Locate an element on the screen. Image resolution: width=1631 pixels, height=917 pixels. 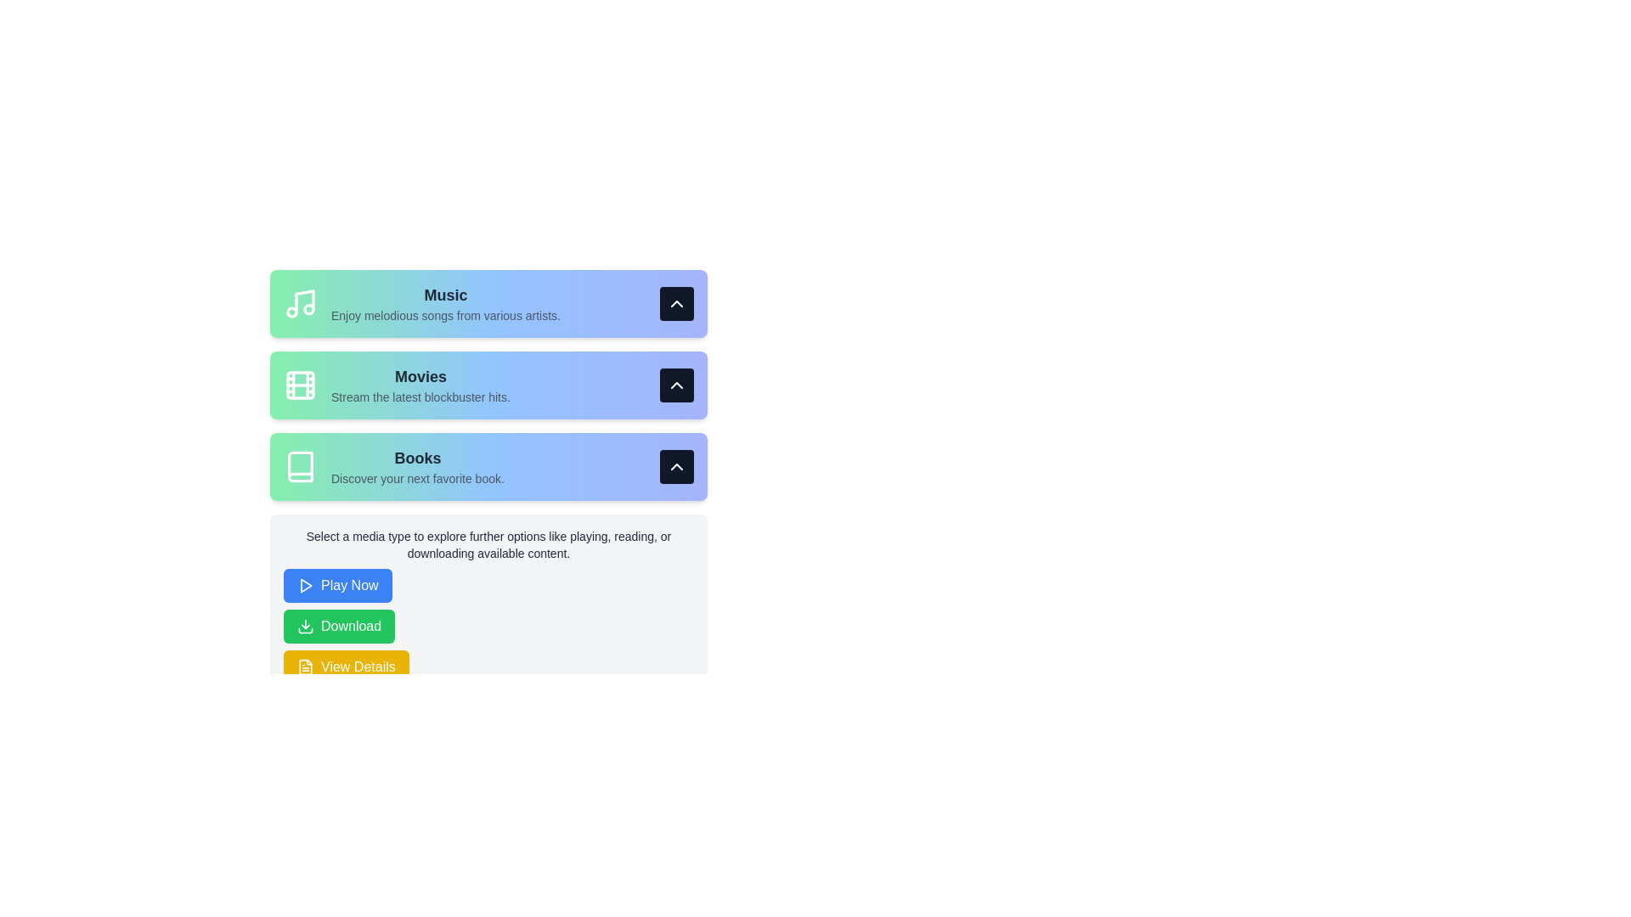
the text element titled 'Movies', which features a bold title and a subtitle, located in the second row of a vertically stacked group is located at coordinates (420, 385).